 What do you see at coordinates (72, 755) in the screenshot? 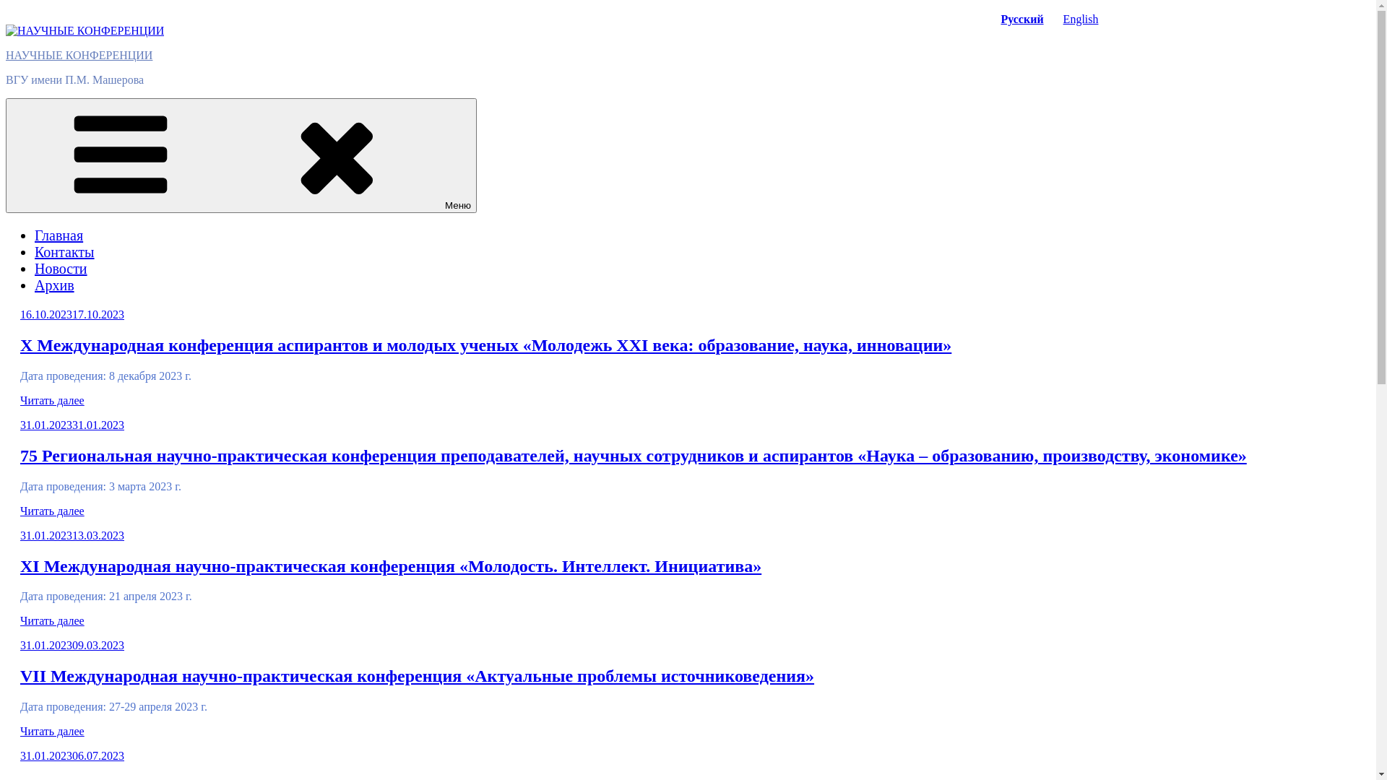
I see `'31.01.202306.07.2023'` at bounding box center [72, 755].